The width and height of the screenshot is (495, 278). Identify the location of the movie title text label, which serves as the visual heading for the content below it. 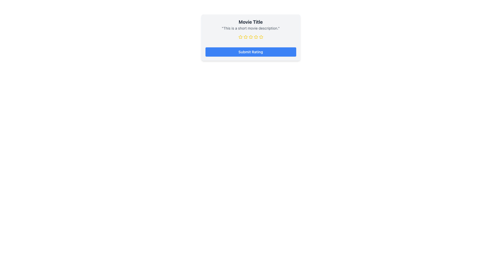
(251, 22).